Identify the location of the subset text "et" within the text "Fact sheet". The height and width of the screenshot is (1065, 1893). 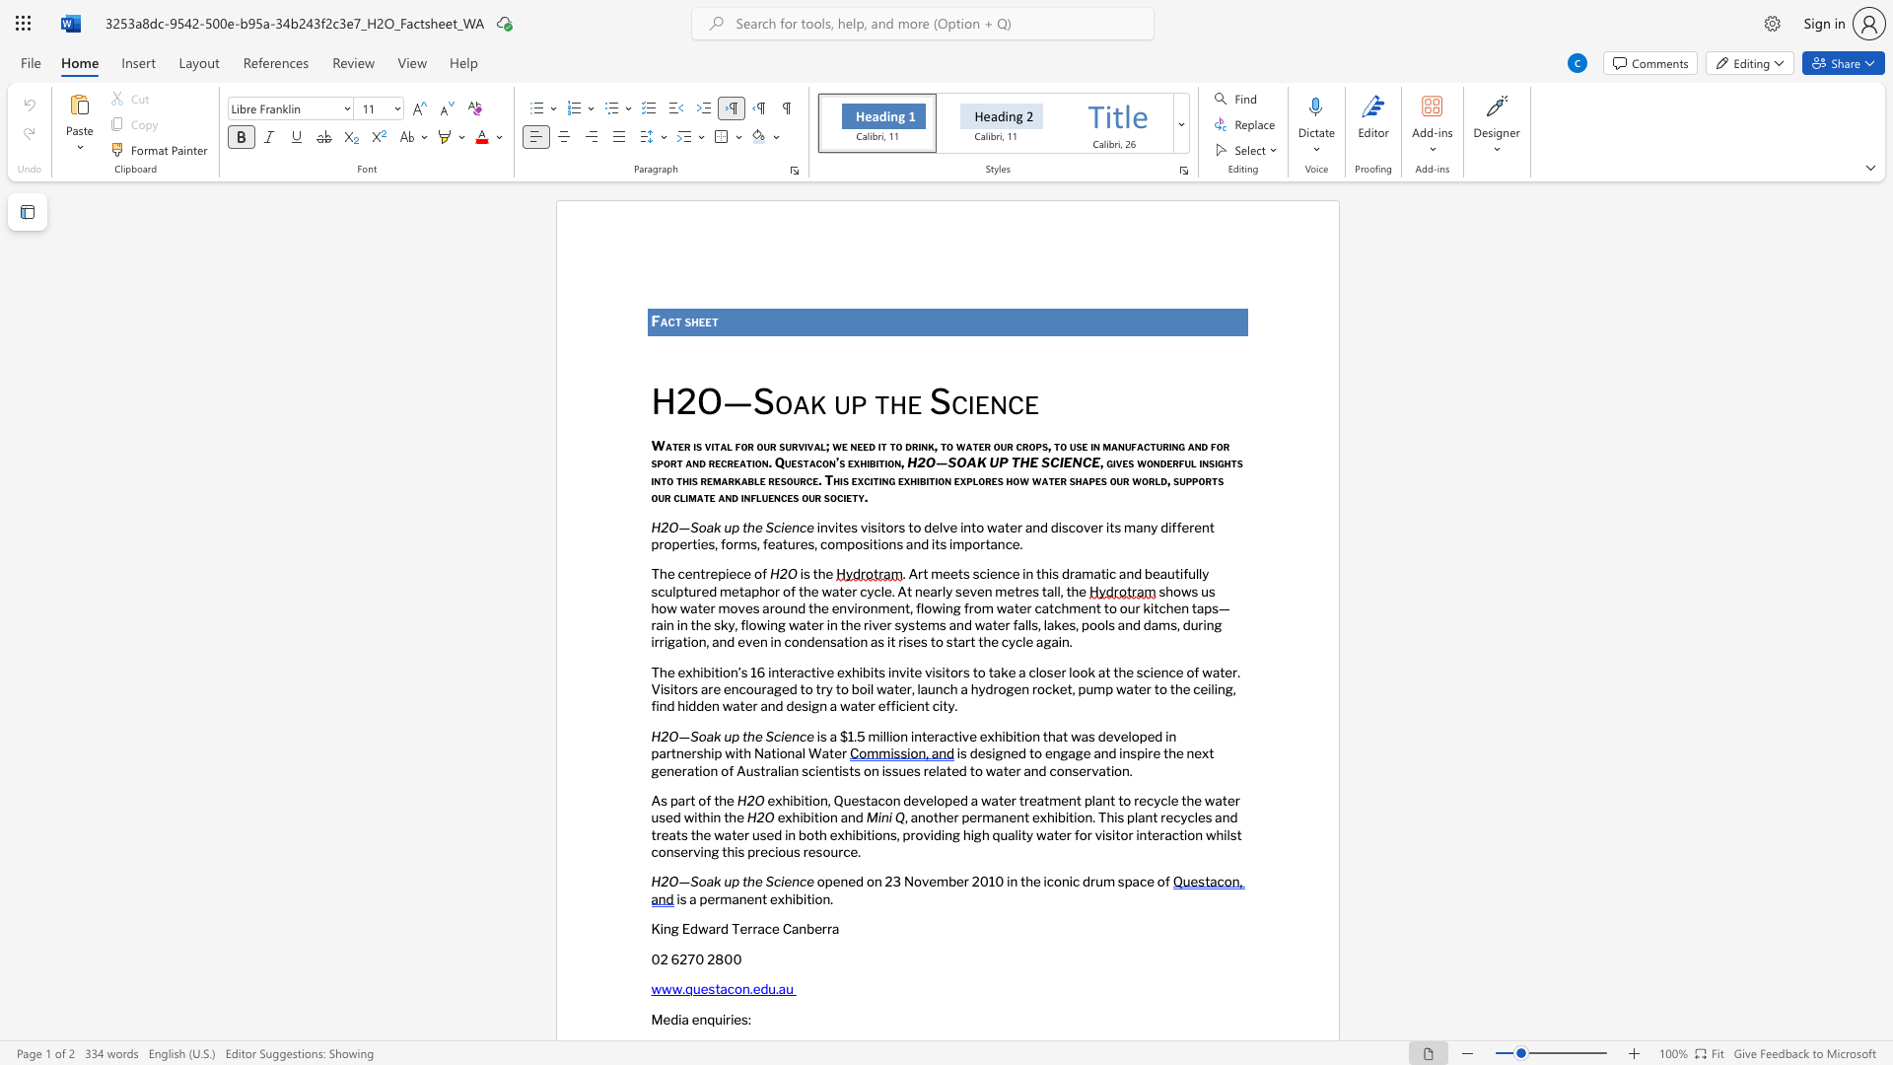
(705, 320).